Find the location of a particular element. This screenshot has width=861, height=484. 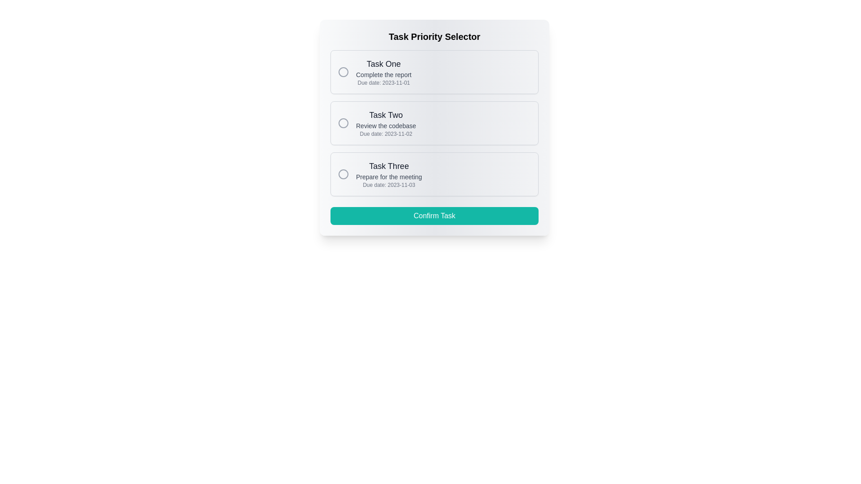

informational text label displaying 'Due date: 2023-11-03' located under 'Prepare for the meeting' in the 'Task Three' section is located at coordinates (389, 184).